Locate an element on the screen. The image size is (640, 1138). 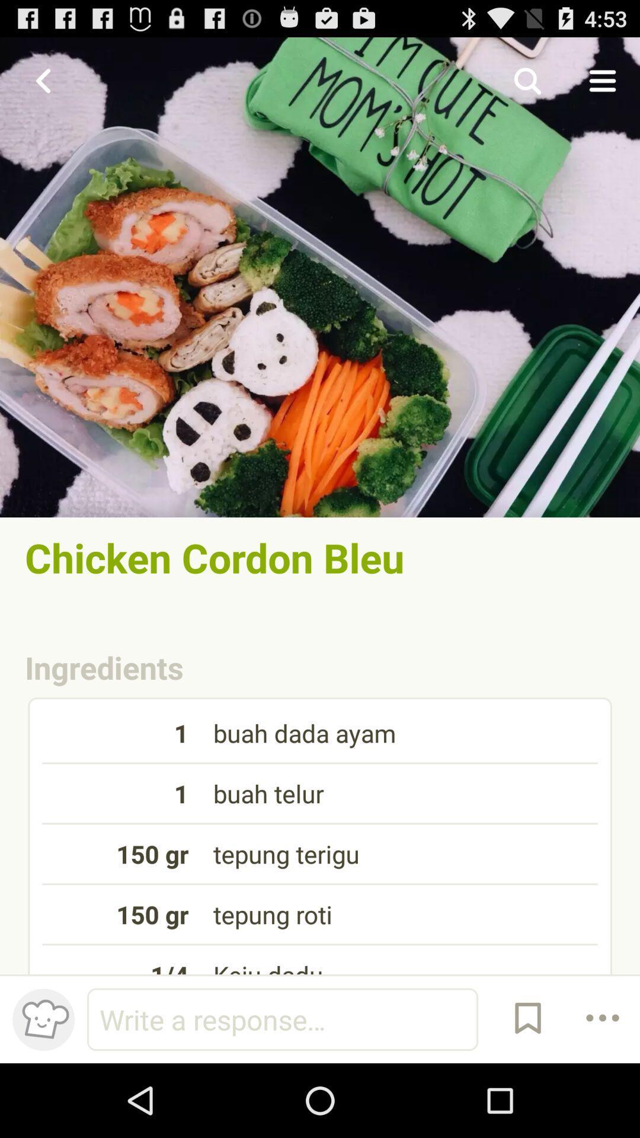
the bookmark icon is located at coordinates (527, 1091).